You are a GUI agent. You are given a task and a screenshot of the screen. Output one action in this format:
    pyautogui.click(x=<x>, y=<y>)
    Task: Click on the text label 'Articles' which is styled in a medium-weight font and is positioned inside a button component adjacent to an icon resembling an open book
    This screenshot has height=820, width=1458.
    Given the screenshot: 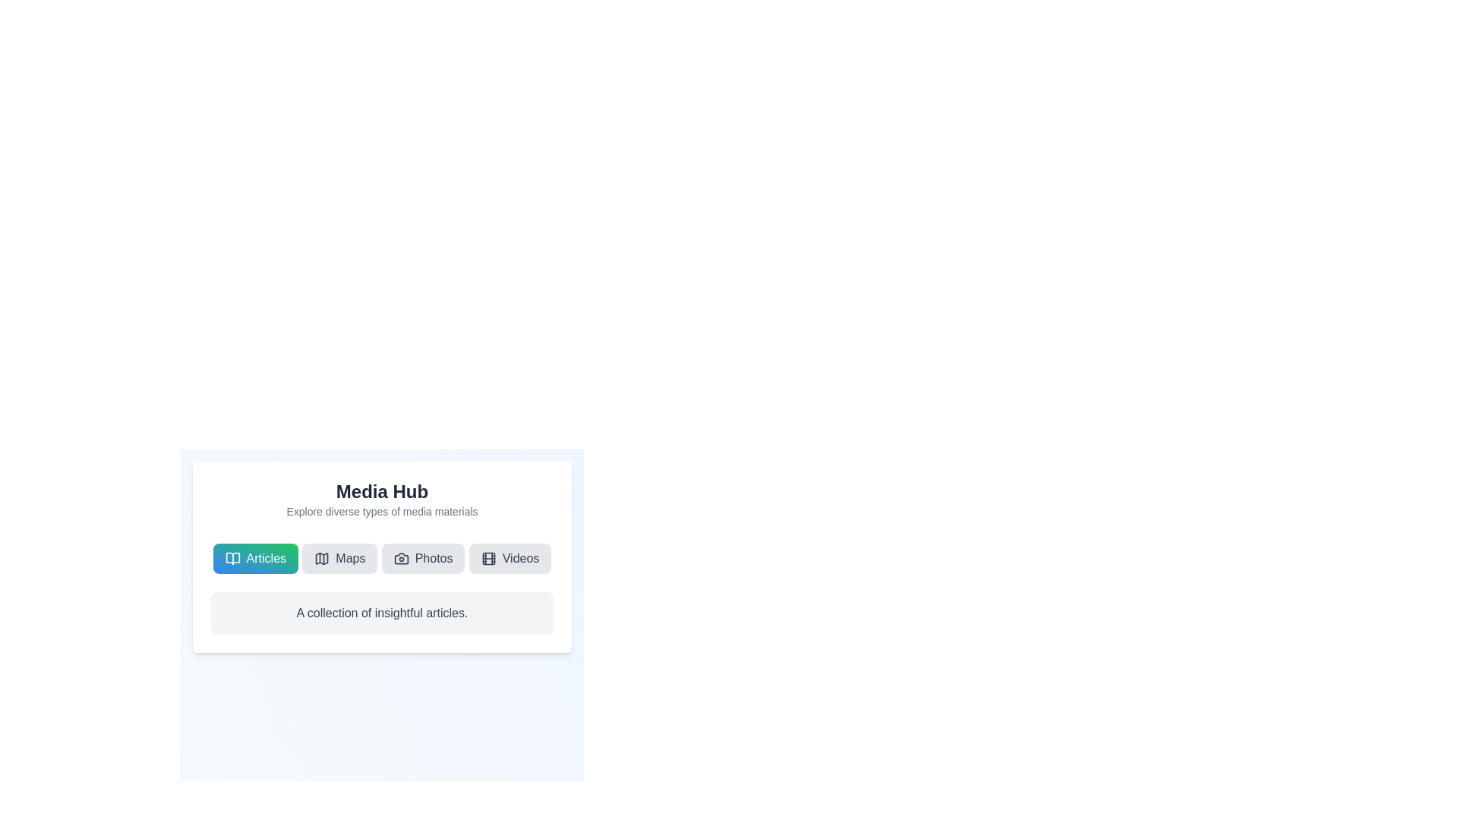 What is the action you would take?
    pyautogui.click(x=266, y=559)
    